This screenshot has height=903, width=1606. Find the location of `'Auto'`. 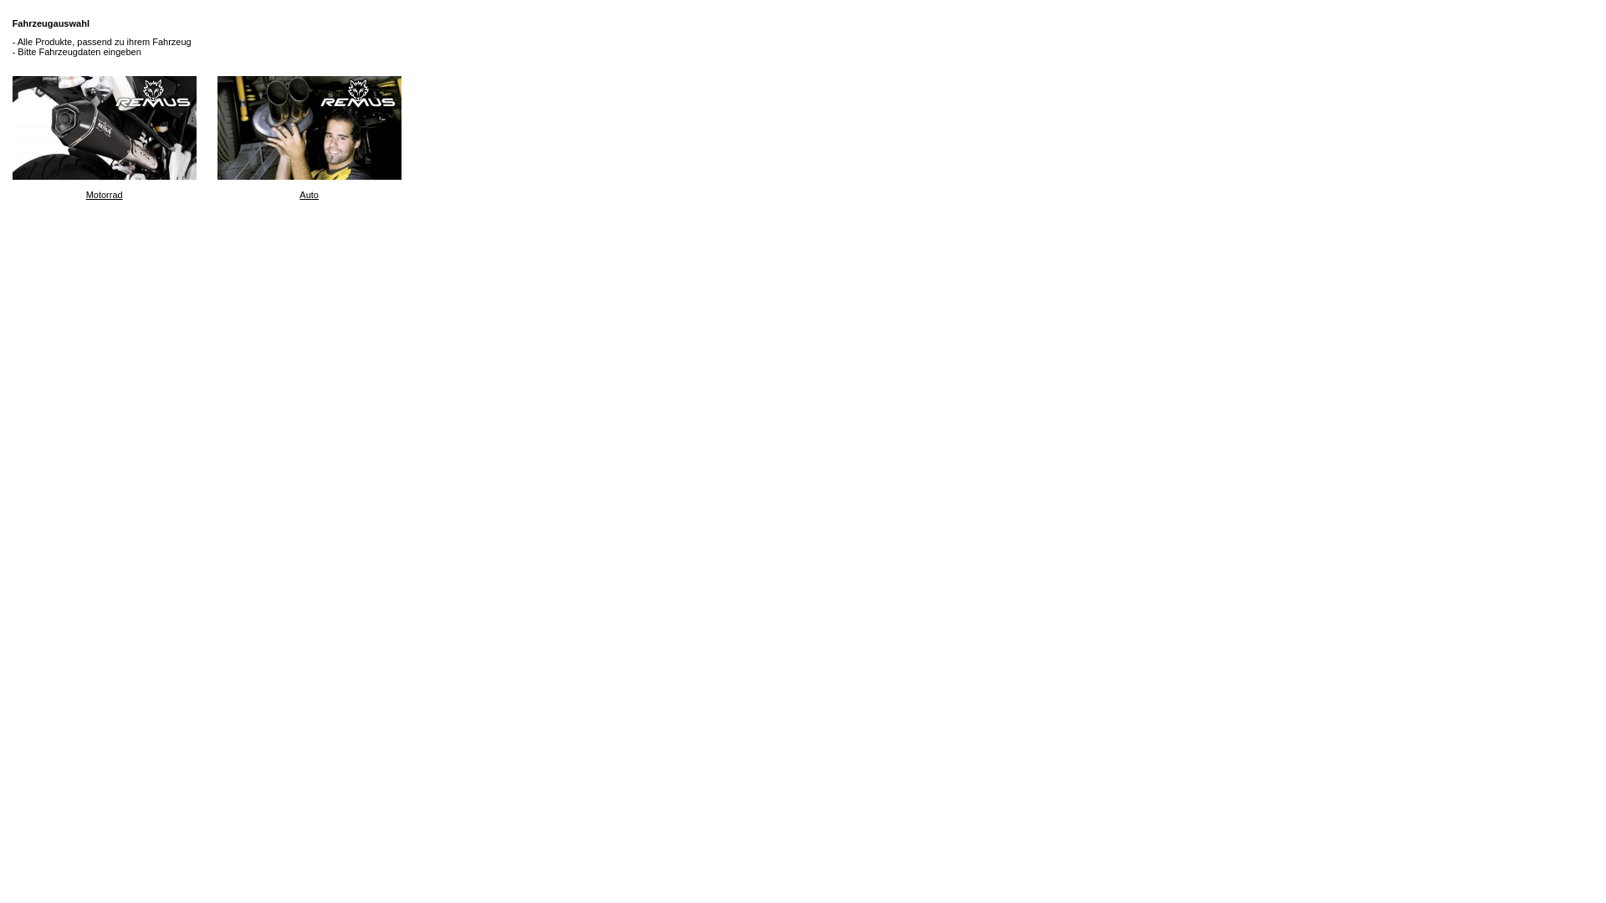

'Auto' is located at coordinates (309, 127).